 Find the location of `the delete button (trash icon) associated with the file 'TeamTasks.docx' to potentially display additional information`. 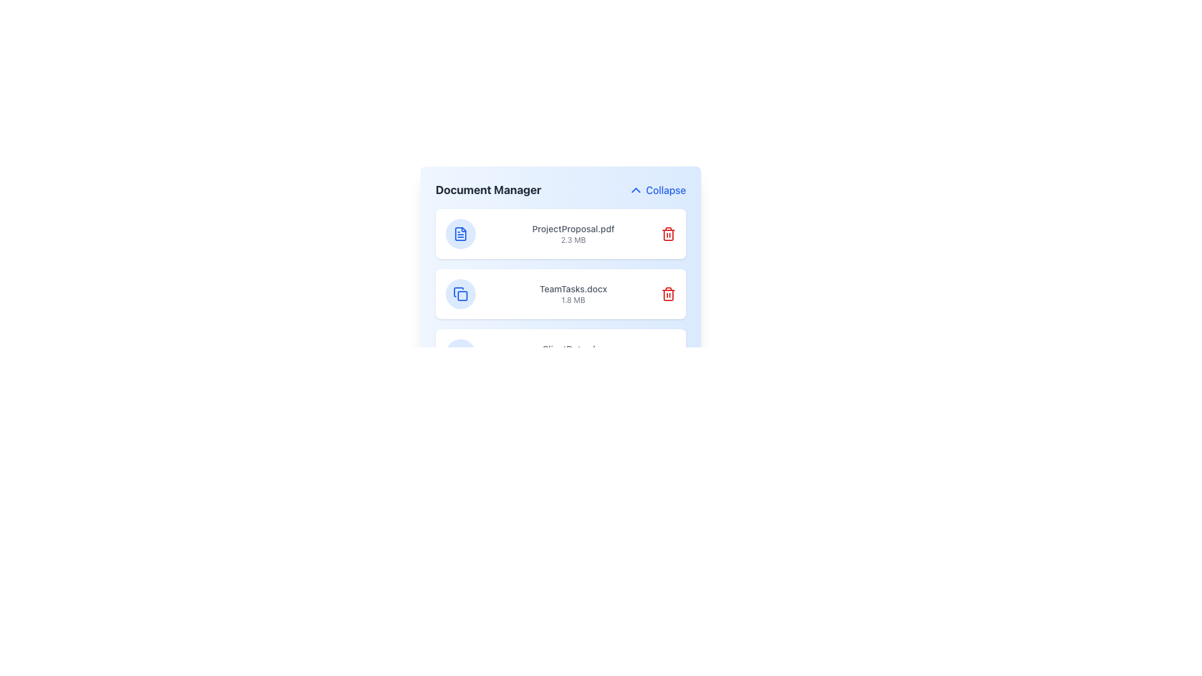

the delete button (trash icon) associated with the file 'TeamTasks.docx' to potentially display additional information is located at coordinates (668, 294).